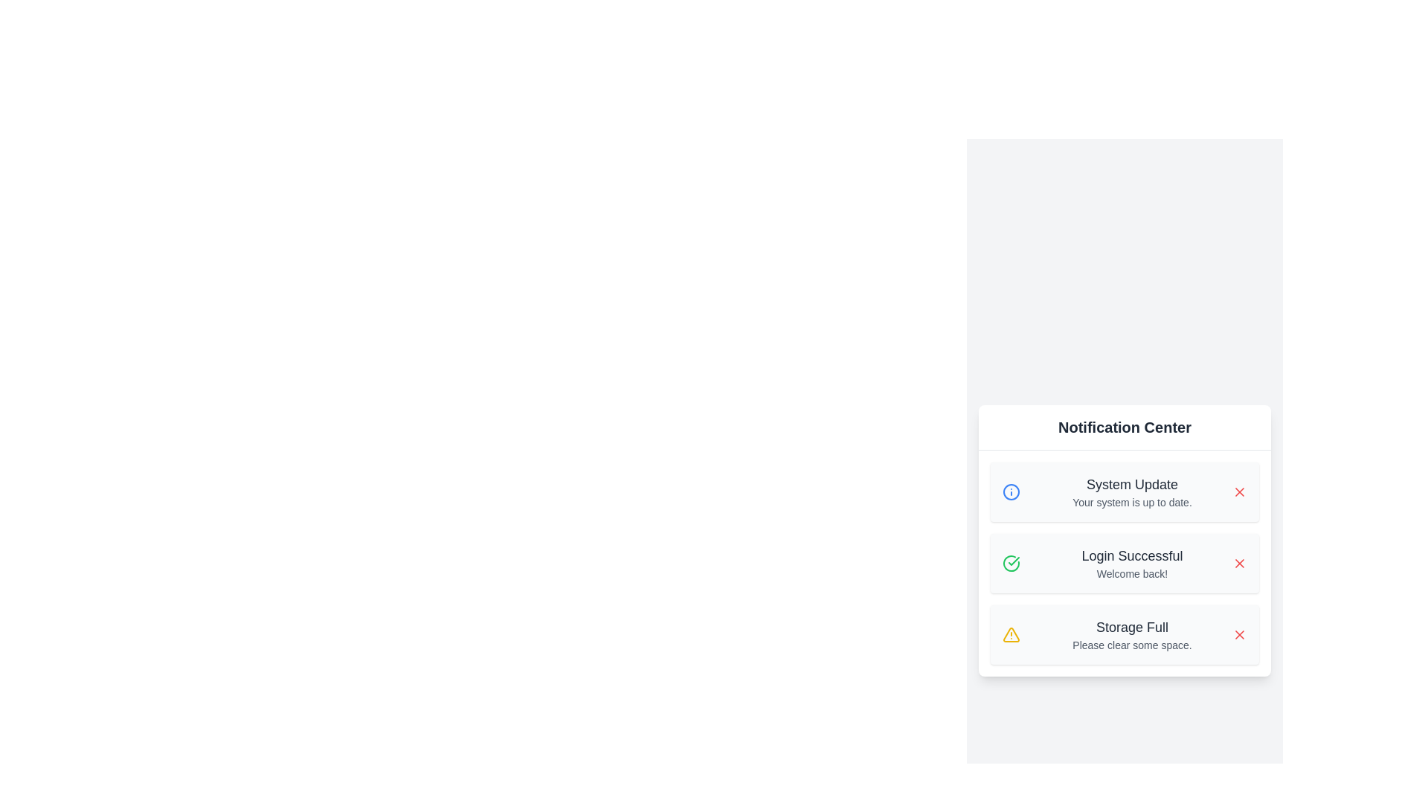 The width and height of the screenshot is (1428, 803). What do you see at coordinates (1239, 491) in the screenshot?
I see `the red 'X' close button located at the top-right corner of the 'System Update' notification` at bounding box center [1239, 491].